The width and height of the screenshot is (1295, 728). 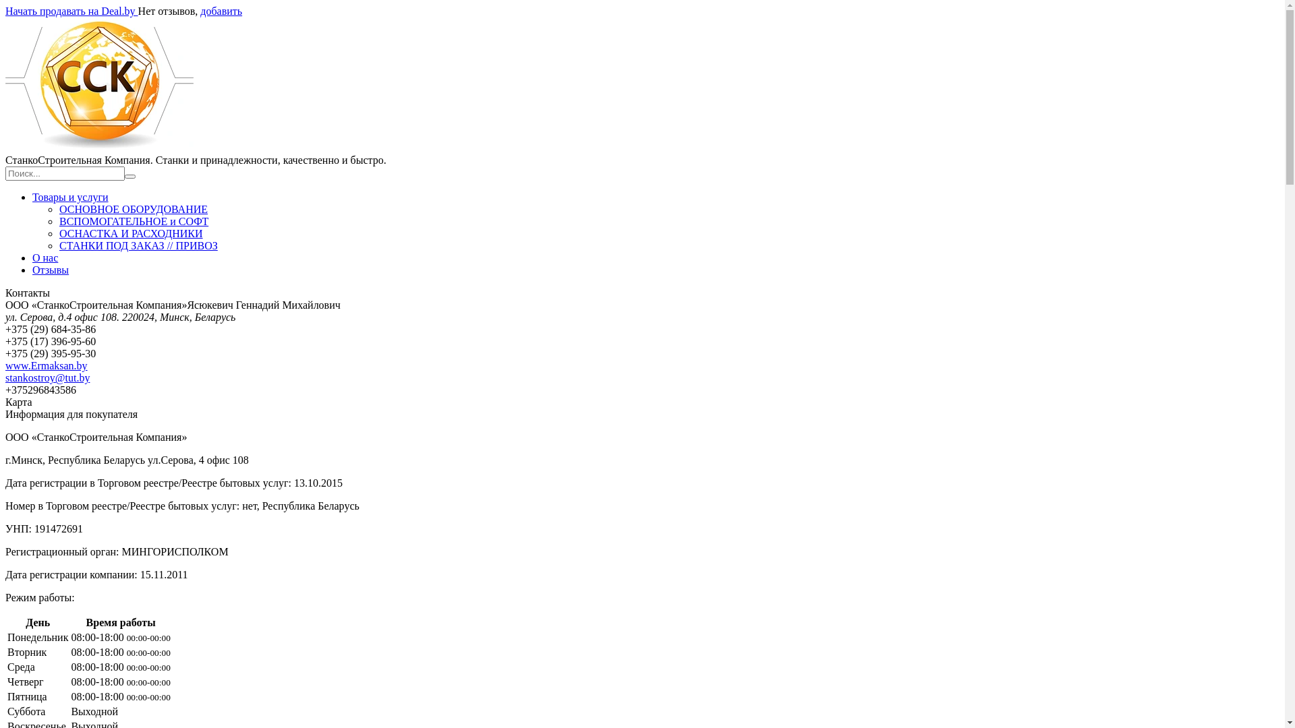 I want to click on 'www.Ermaksan.by', so click(x=46, y=365).